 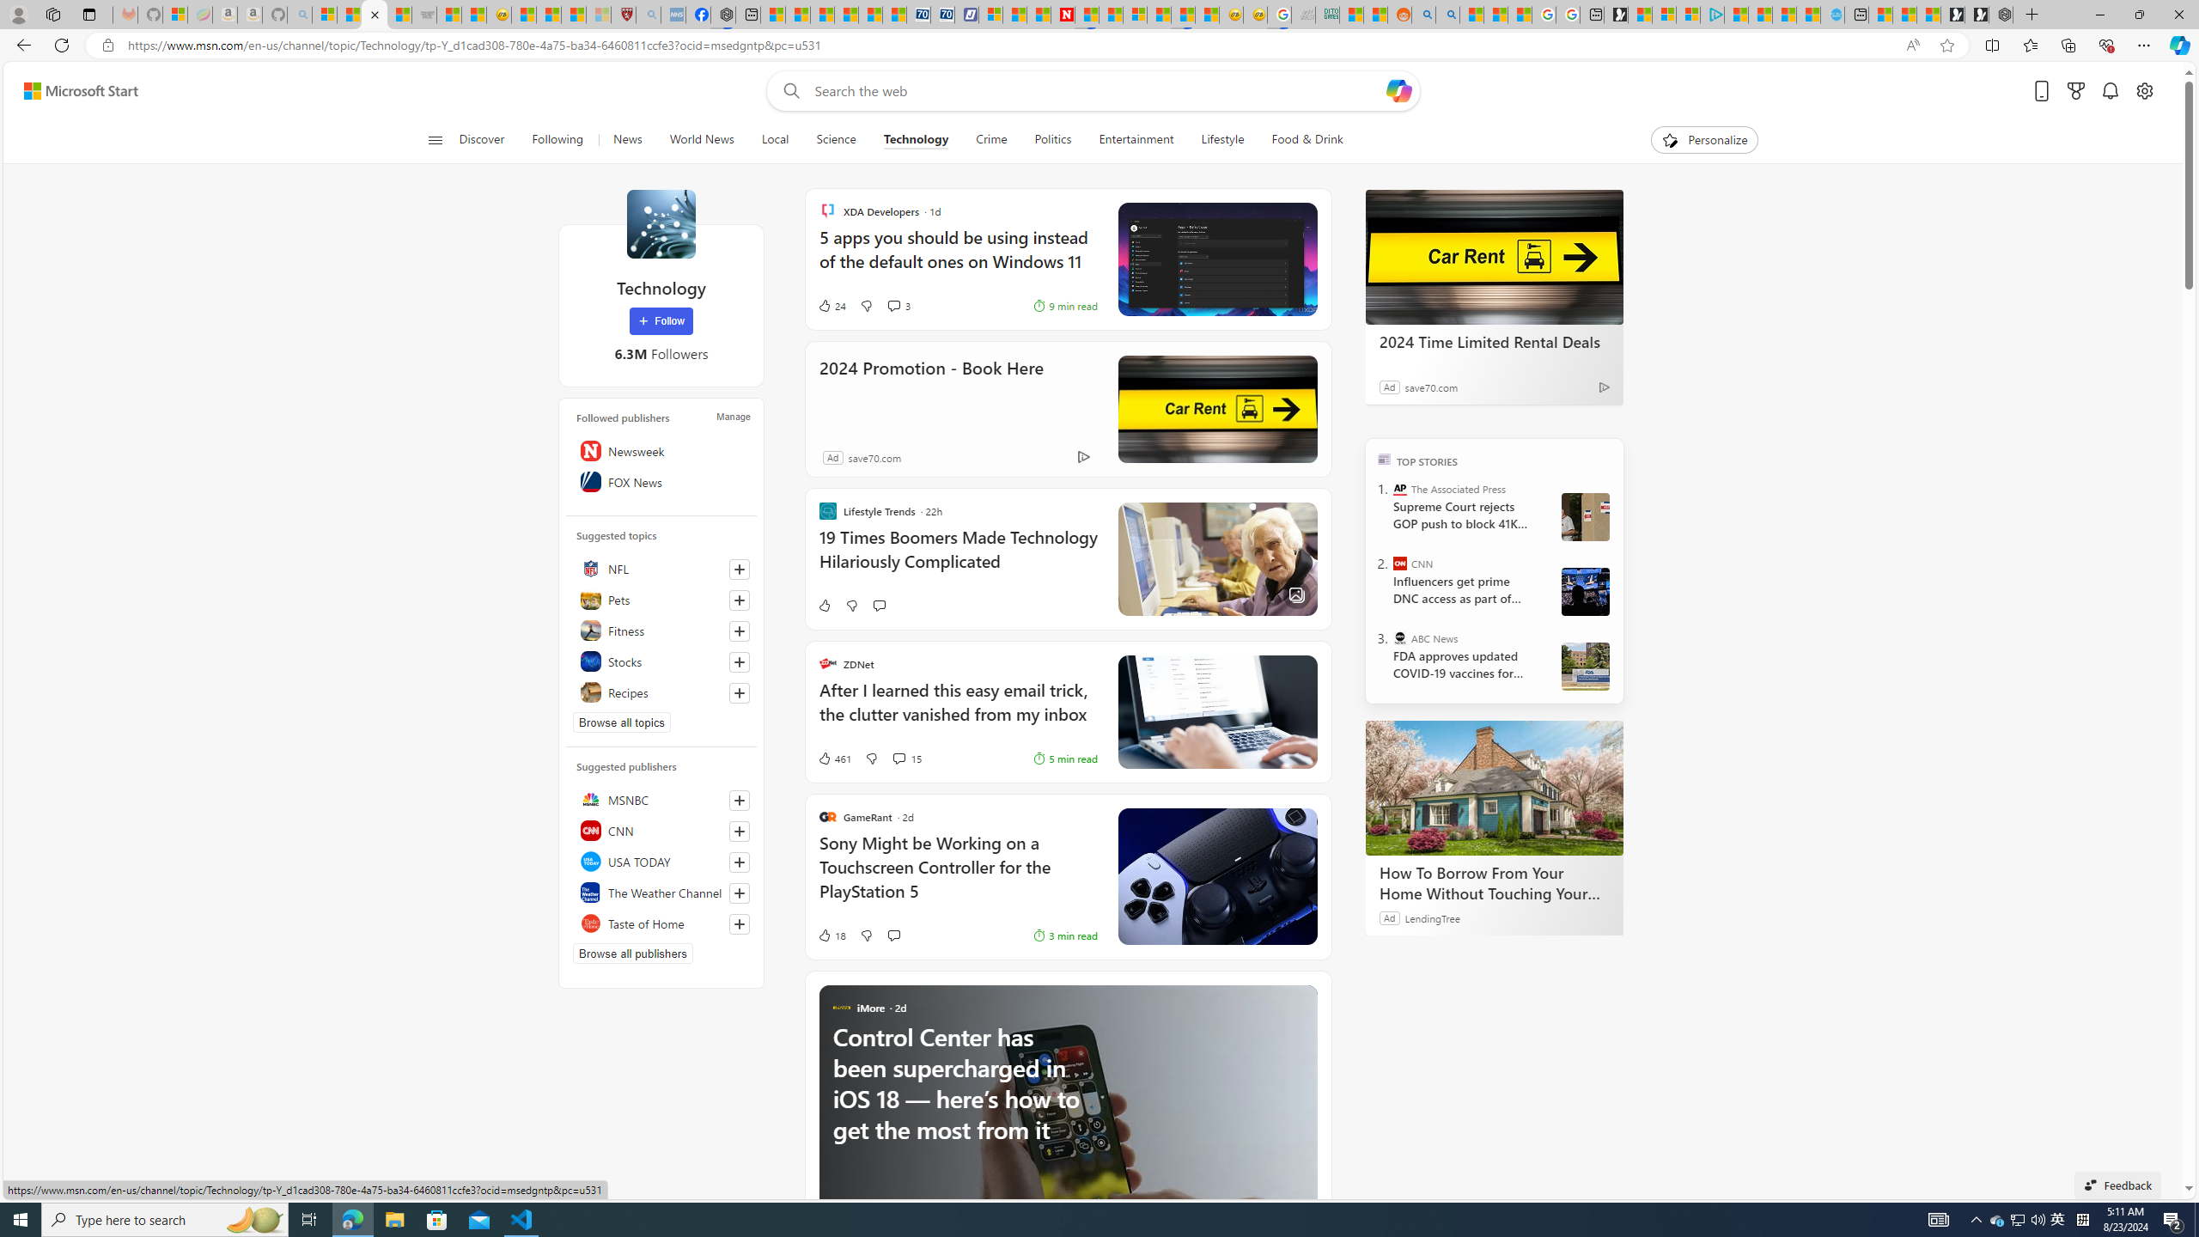 What do you see at coordinates (1432, 917) in the screenshot?
I see `'LendingTree'` at bounding box center [1432, 917].